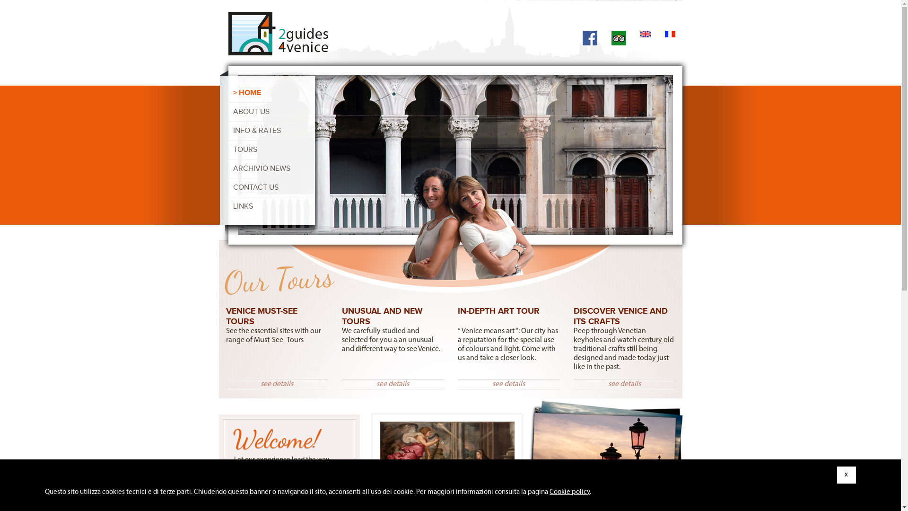 The height and width of the screenshot is (511, 908). What do you see at coordinates (837, 475) in the screenshot?
I see `'x'` at bounding box center [837, 475].